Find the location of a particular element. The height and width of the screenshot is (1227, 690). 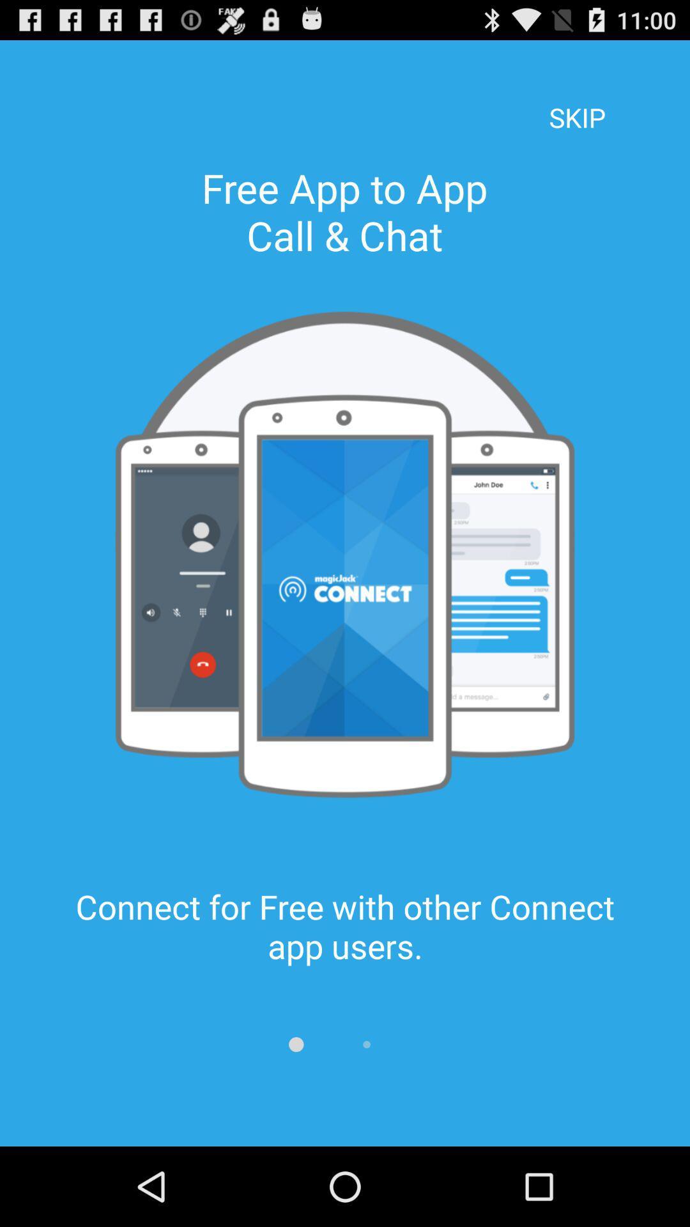

the icon below the connect for free is located at coordinates (296, 1044).